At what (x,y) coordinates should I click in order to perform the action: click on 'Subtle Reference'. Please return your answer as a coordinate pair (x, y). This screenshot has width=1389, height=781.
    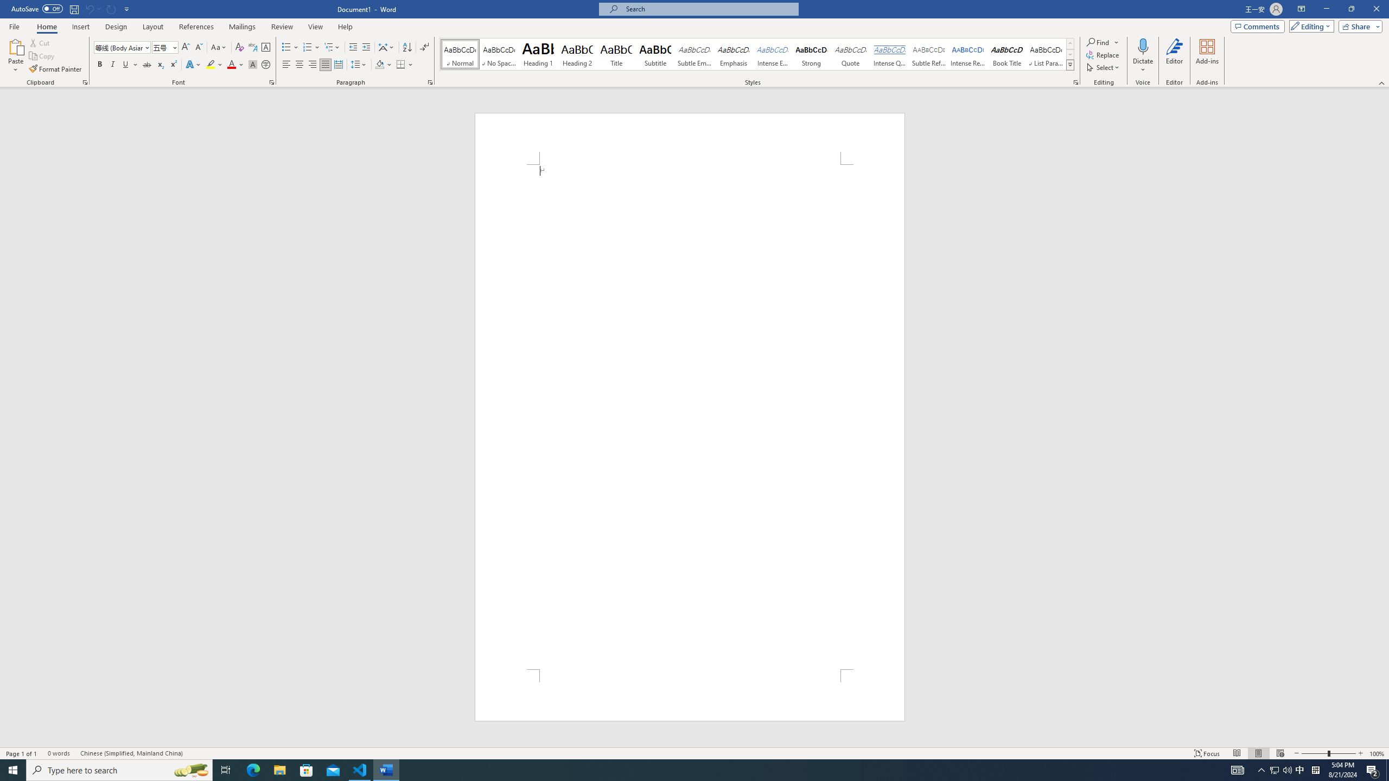
    Looking at the image, I should click on (929, 54).